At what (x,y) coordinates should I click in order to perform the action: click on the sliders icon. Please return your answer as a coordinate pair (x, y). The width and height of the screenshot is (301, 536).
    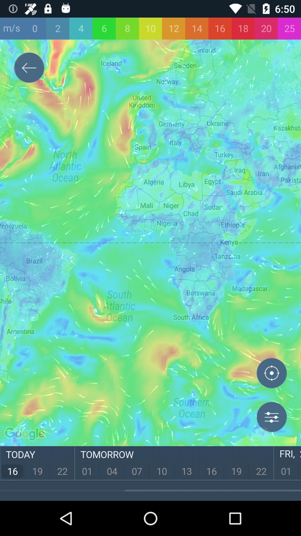
    Looking at the image, I should click on (271, 417).